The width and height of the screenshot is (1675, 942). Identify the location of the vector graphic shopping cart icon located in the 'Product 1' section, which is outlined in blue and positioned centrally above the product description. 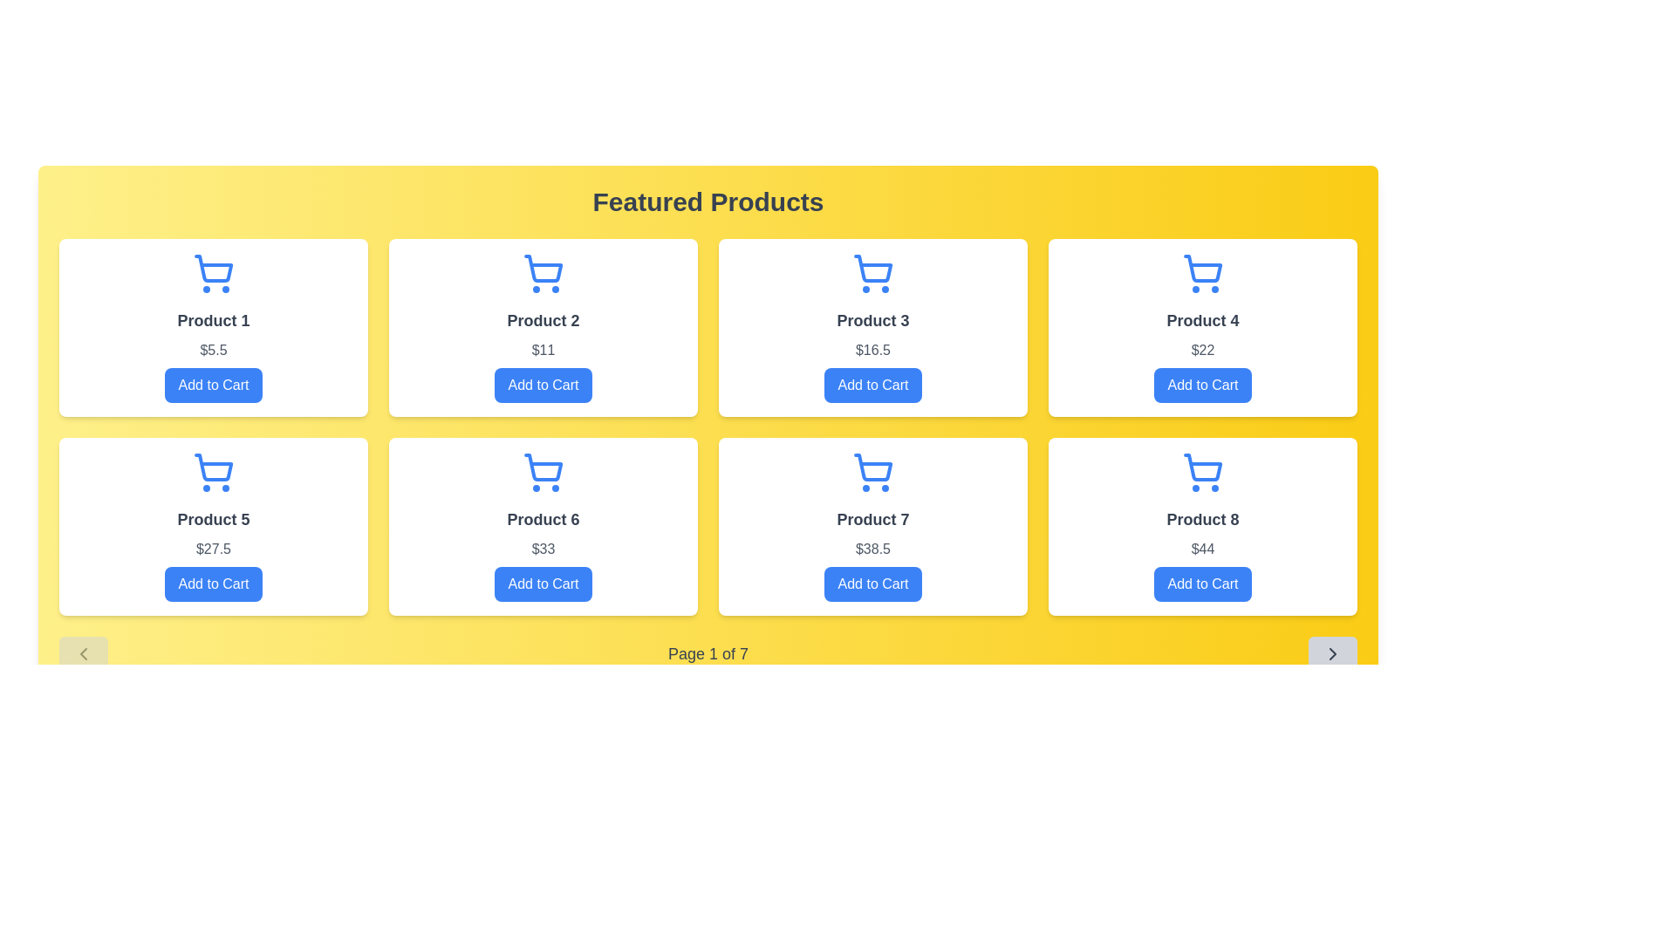
(213, 269).